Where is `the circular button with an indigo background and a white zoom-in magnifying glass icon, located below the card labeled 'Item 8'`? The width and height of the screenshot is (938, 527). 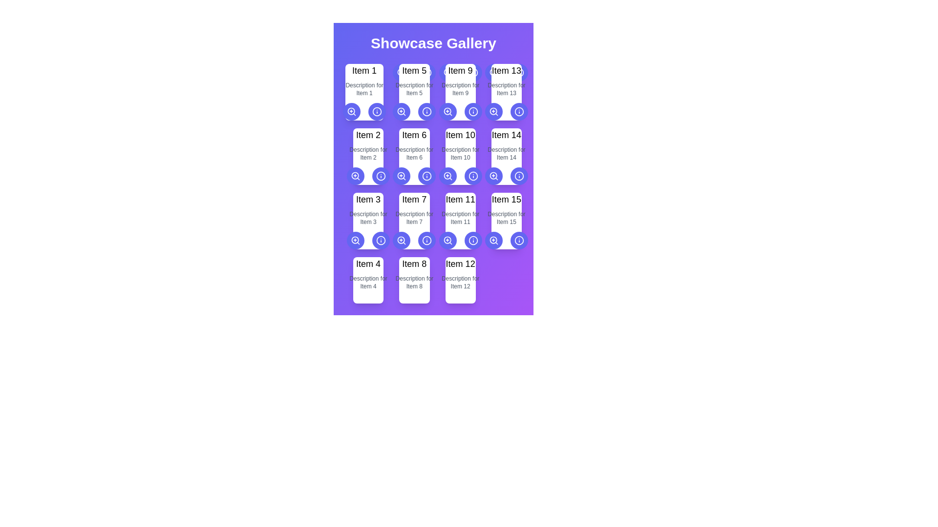
the circular button with an indigo background and a white zoom-in magnifying glass icon, located below the card labeled 'Item 8' is located at coordinates (447, 241).